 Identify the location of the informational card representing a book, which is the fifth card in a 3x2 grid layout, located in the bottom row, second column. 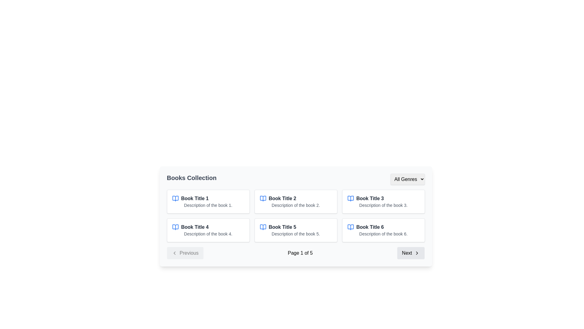
(296, 230).